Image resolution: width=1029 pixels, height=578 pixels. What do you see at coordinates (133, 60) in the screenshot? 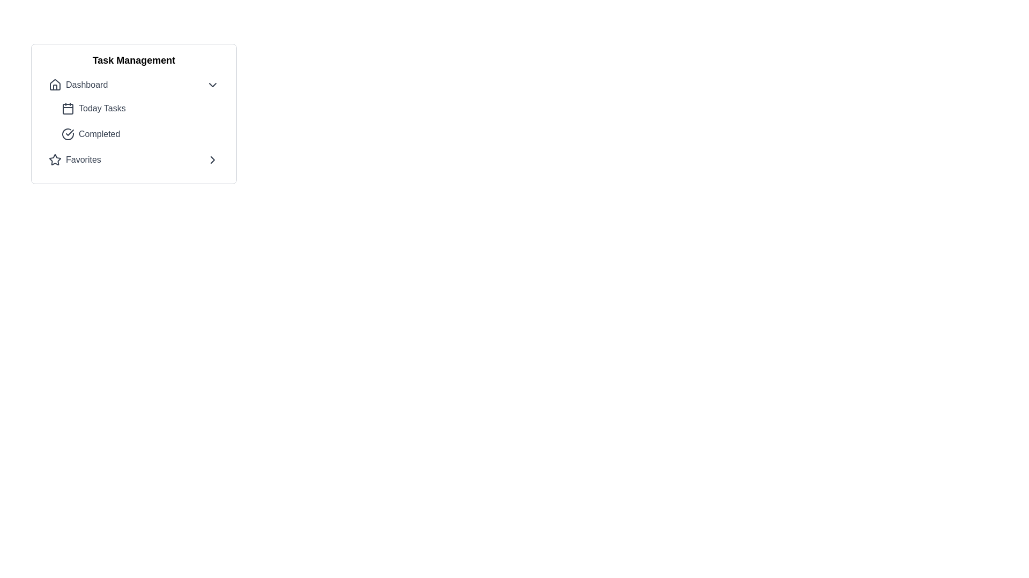
I see `the 'Task Management' header/title text element, which is bold and large, positioned at the top of a white rectangular card with rounded corners` at bounding box center [133, 60].